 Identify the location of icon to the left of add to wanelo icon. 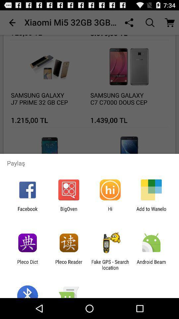
(110, 211).